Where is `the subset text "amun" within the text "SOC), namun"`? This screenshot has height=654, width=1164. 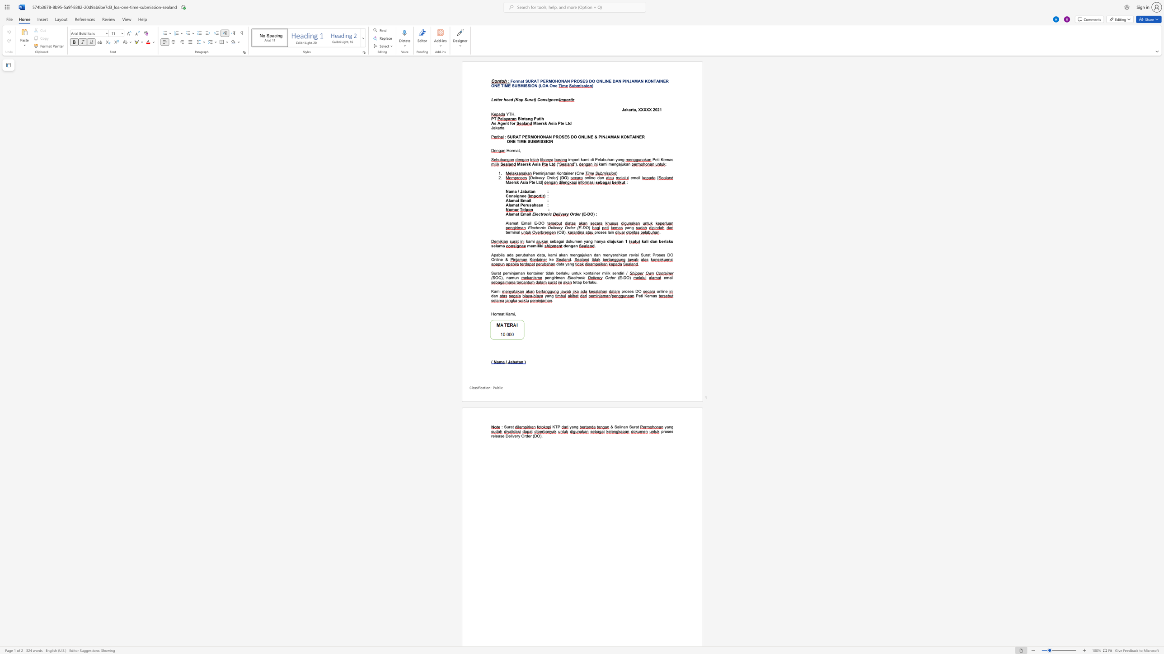 the subset text "amun" within the text "SOC), namun" is located at coordinates (509, 277).